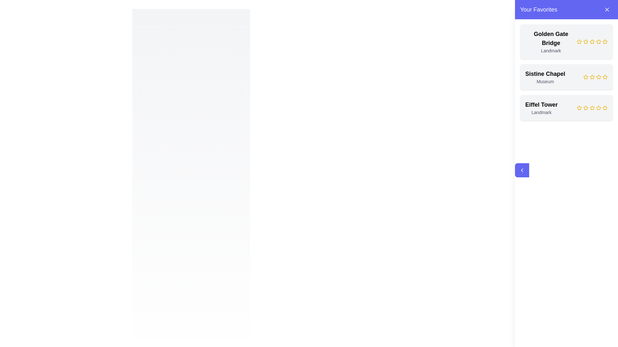 The height and width of the screenshot is (347, 618). What do you see at coordinates (579, 42) in the screenshot?
I see `the first star icon in the row of rating stars next to the text 'Golden Gate Bridge' located in the right-side panel under 'Your Favorites'` at bounding box center [579, 42].